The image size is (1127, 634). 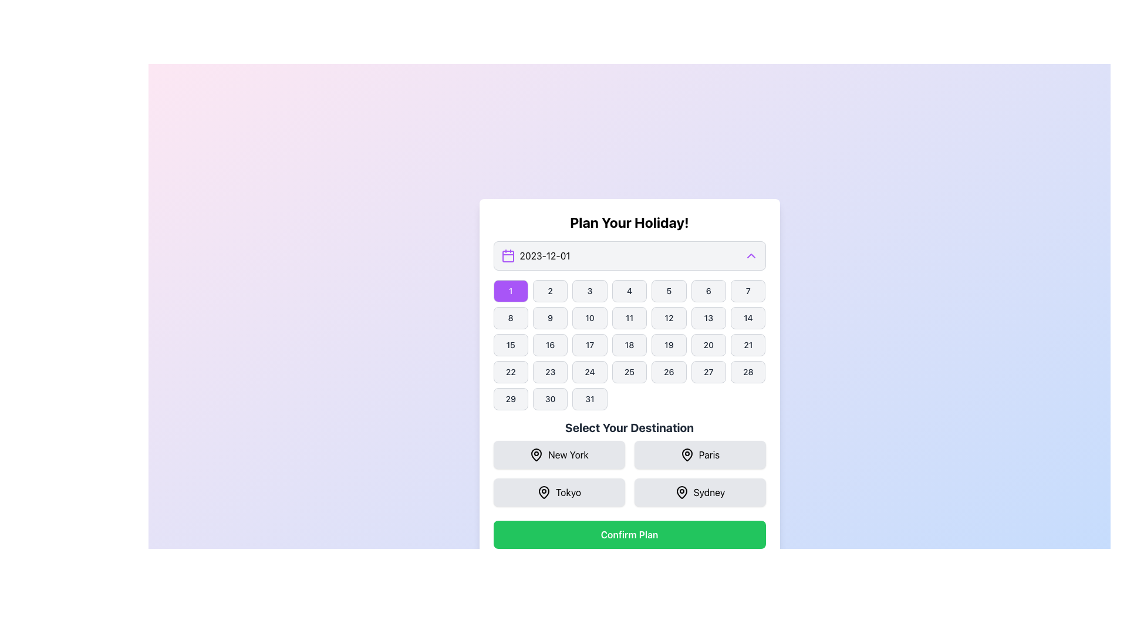 I want to click on the button labeled '28' in the calendar grid, so click(x=747, y=372).